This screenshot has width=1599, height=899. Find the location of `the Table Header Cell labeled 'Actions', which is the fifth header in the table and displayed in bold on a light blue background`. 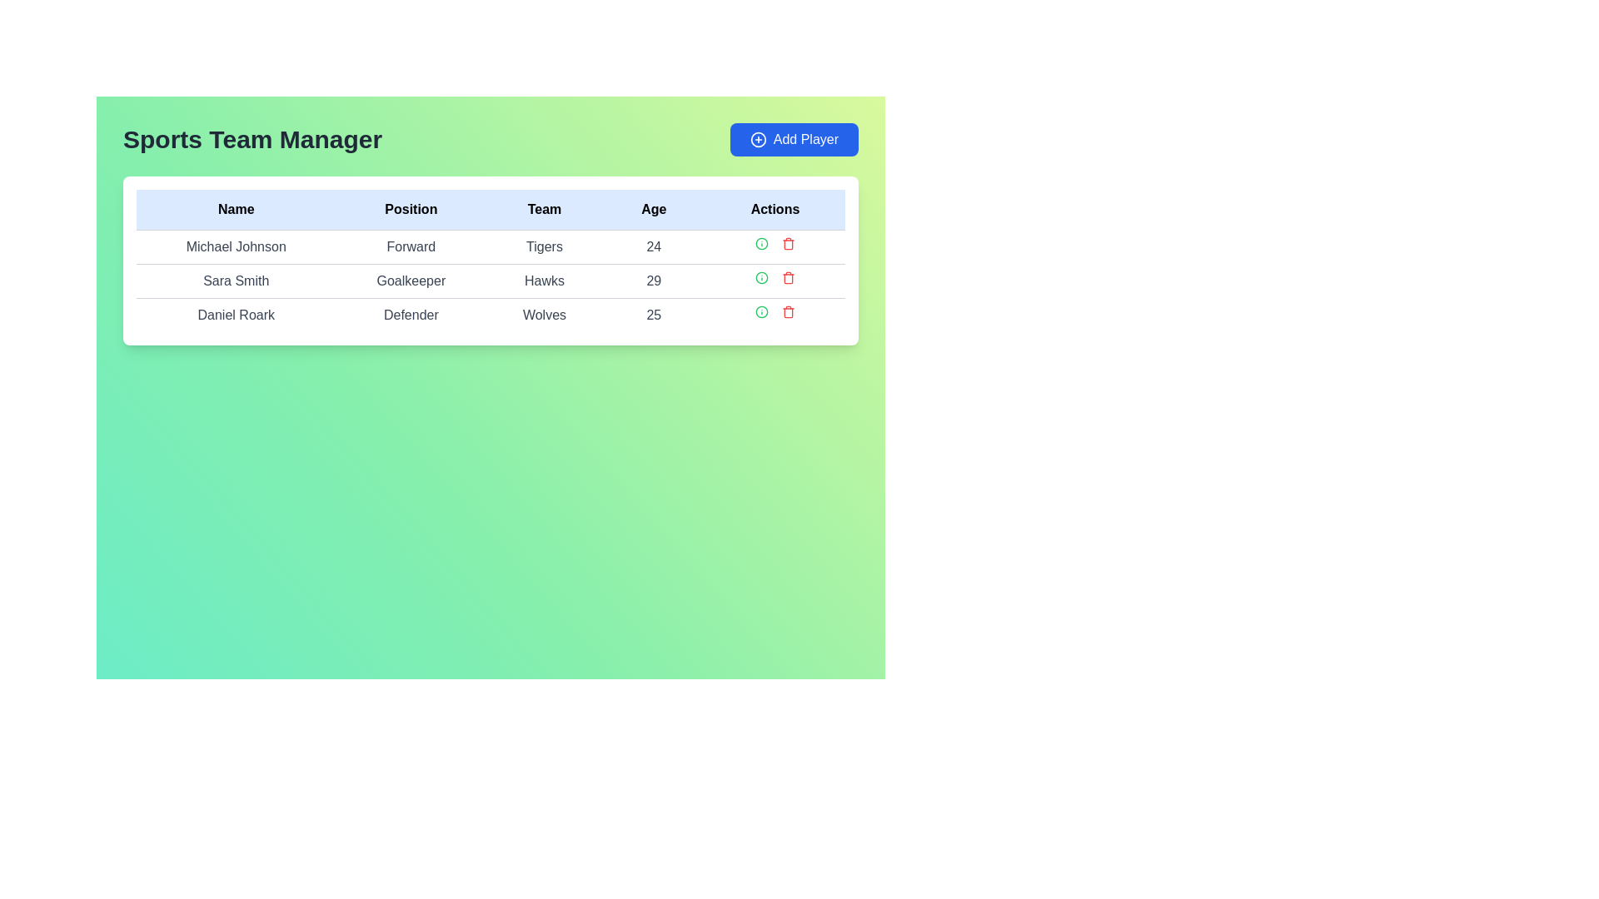

the Table Header Cell labeled 'Actions', which is the fifth header in the table and displayed in bold on a light blue background is located at coordinates (775, 209).